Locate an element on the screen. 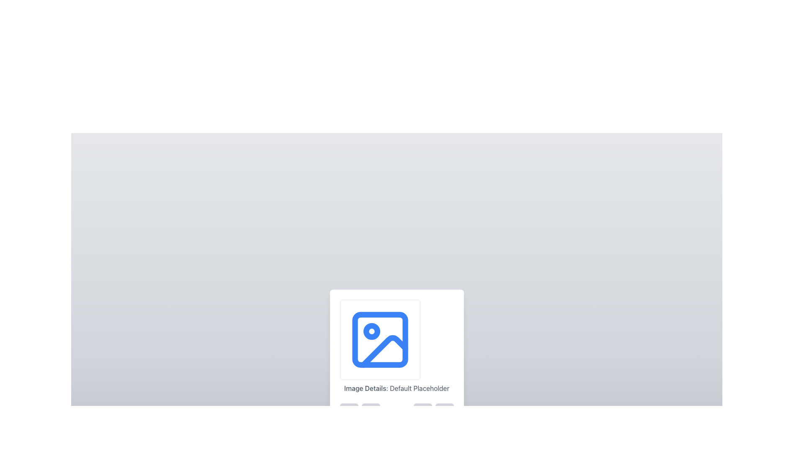 The width and height of the screenshot is (804, 452). the small circular SVG element located in the upper-left corner of the picture frame icon is located at coordinates (371, 331).